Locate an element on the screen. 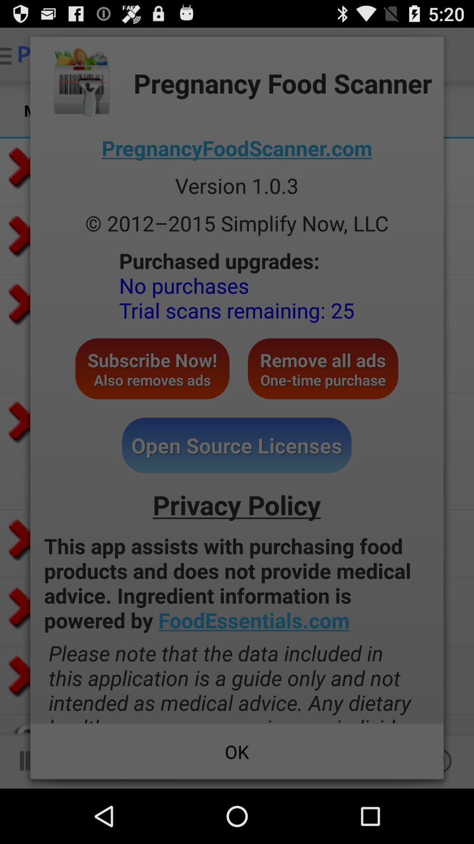 This screenshot has width=474, height=844. the icon to the right of subscribe now also is located at coordinates (323, 368).